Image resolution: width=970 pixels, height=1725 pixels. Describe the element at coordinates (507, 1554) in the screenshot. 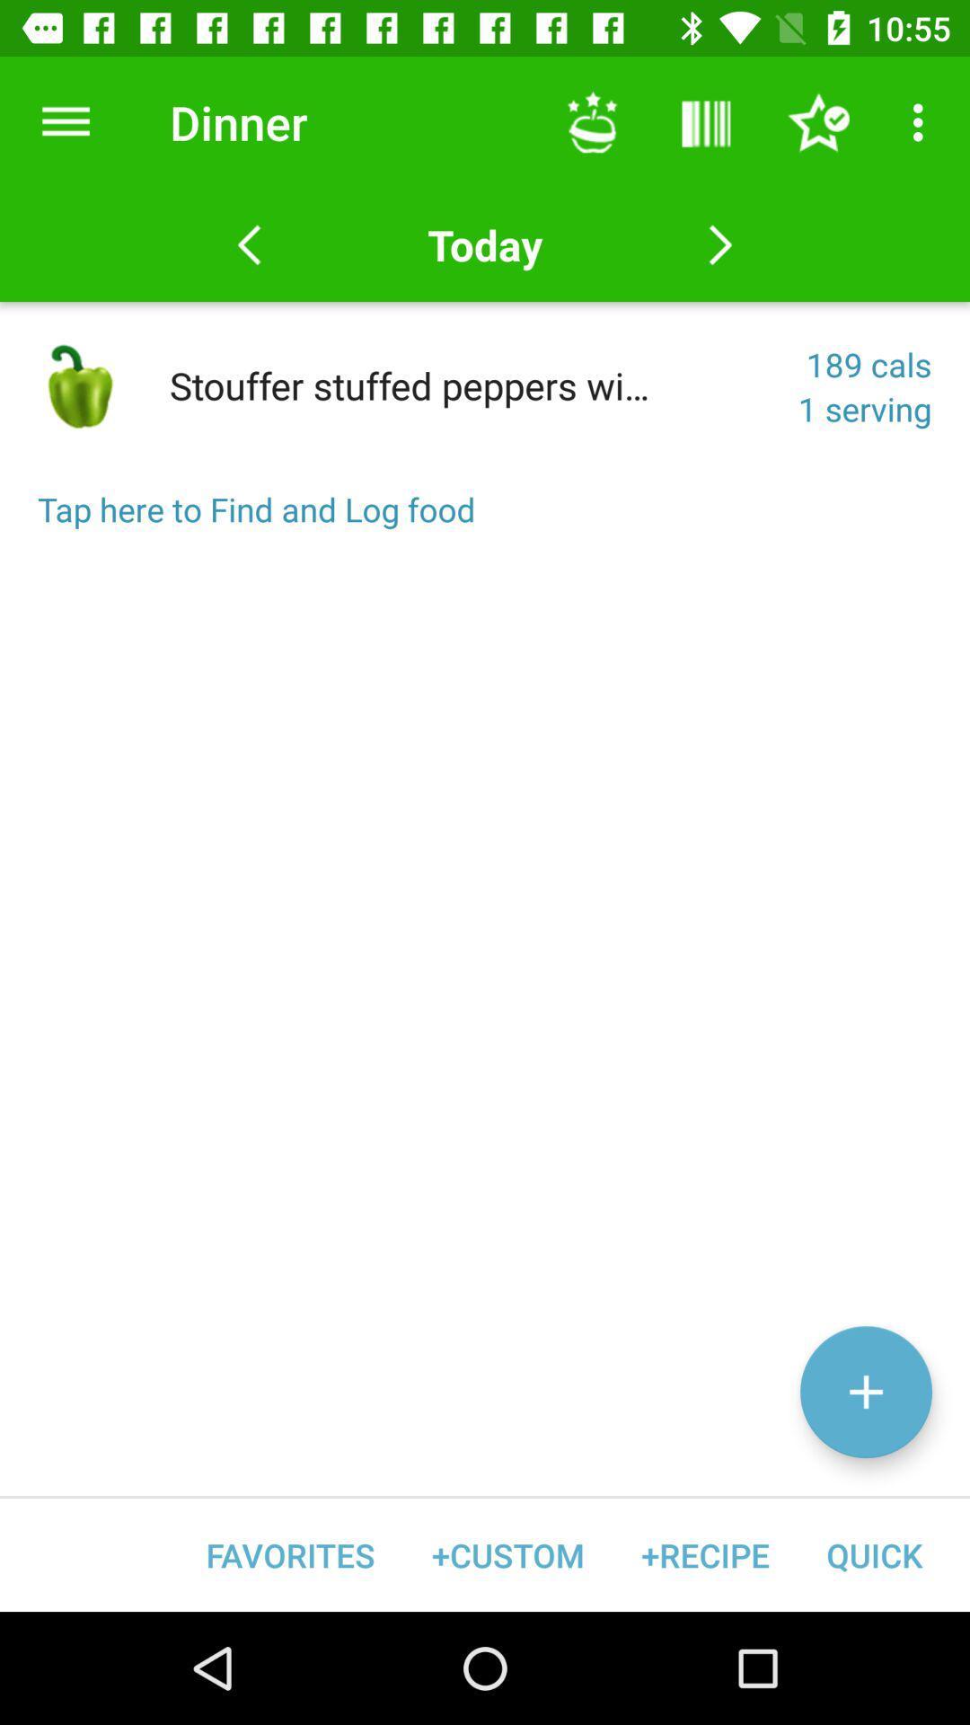

I see `the +custom icon` at that location.